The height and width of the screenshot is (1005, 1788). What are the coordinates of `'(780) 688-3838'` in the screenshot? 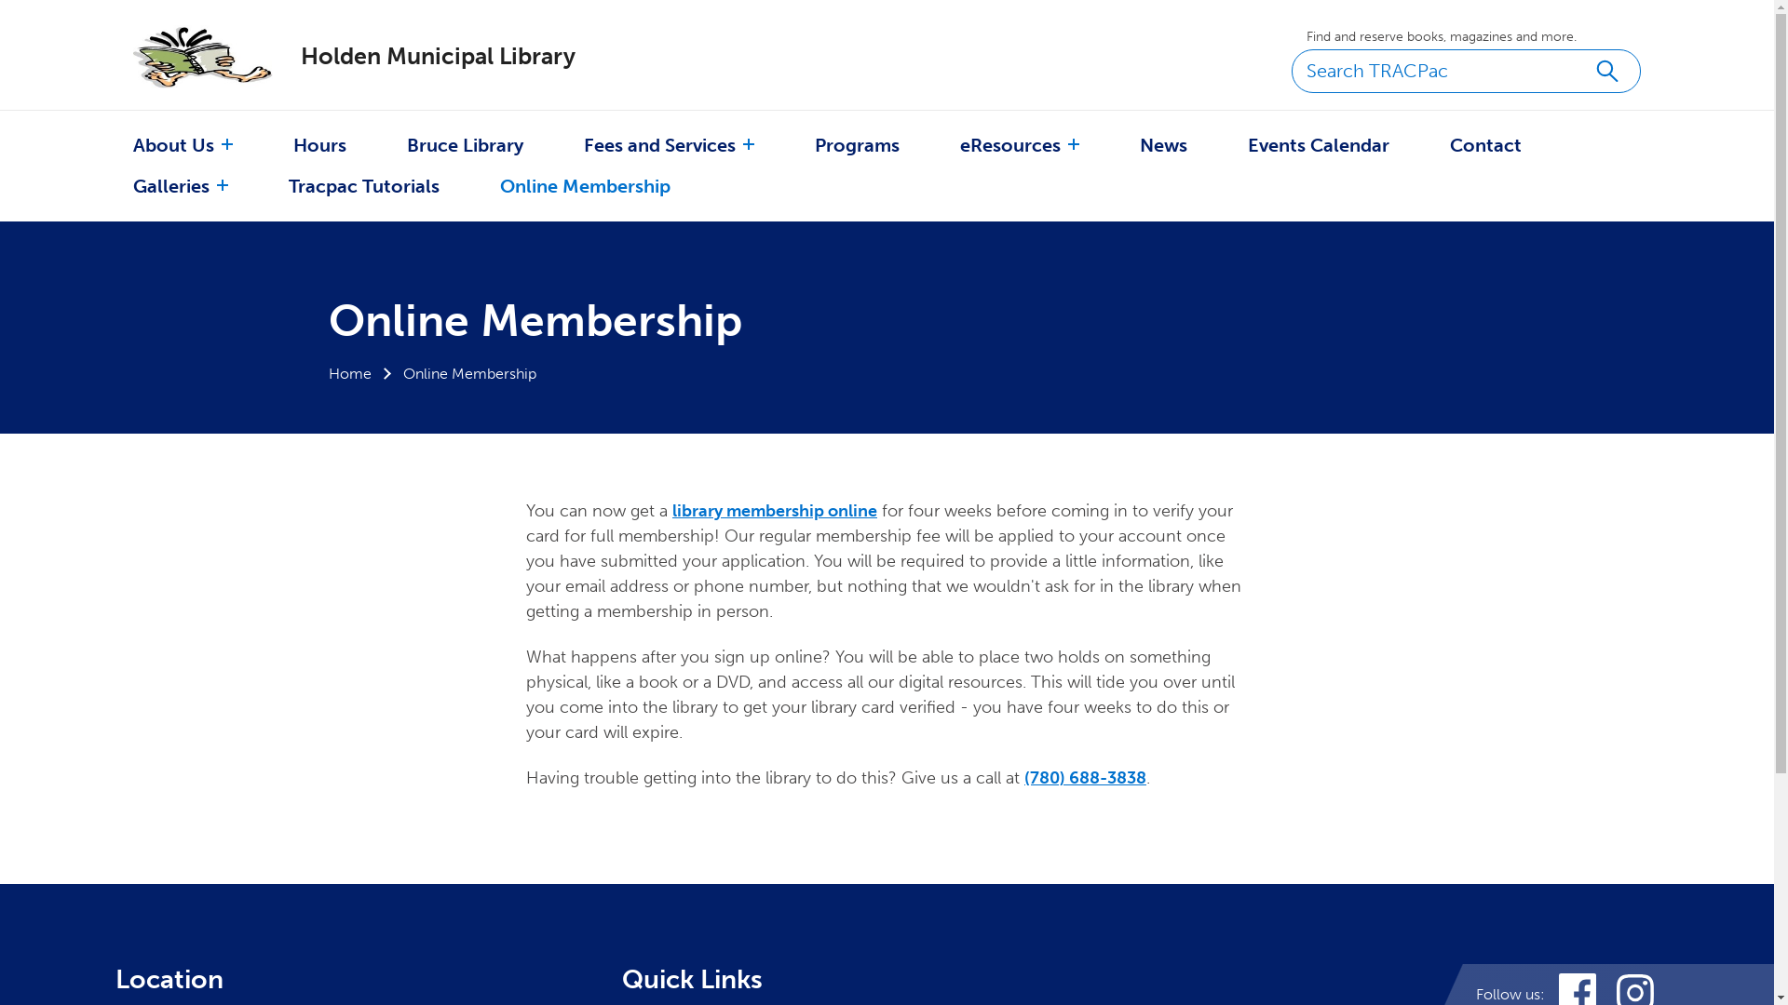 It's located at (1085, 778).